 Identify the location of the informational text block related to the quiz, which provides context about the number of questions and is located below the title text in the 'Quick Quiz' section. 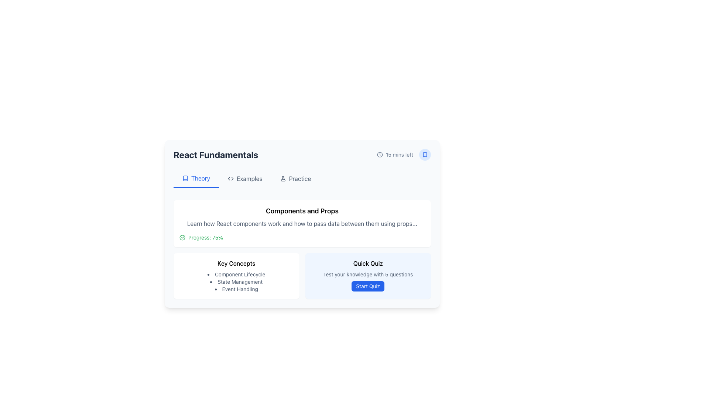
(368, 281).